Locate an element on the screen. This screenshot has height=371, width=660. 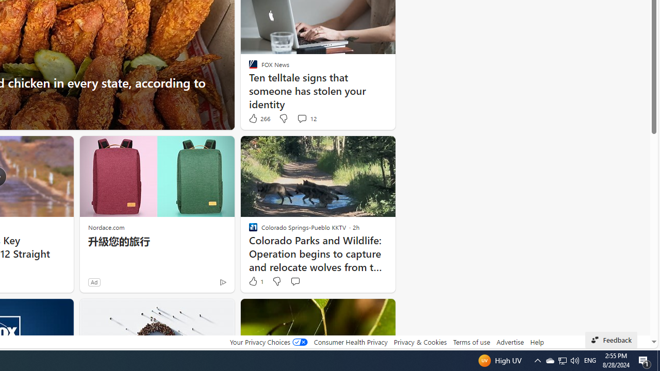
'Consumer Health Privacy' is located at coordinates (351, 342).